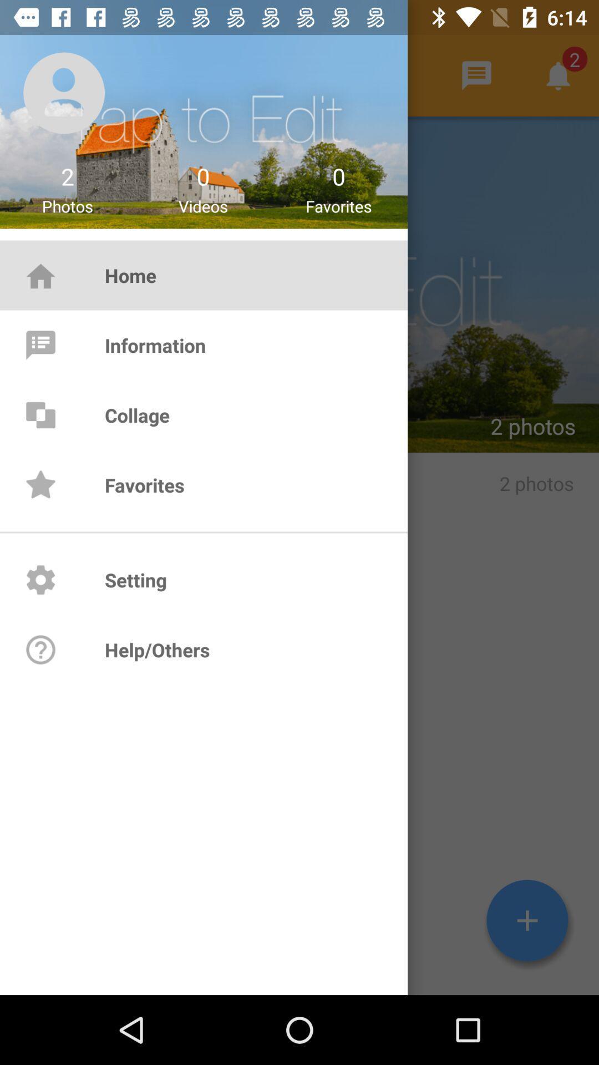 This screenshot has width=599, height=1065. What do you see at coordinates (527, 920) in the screenshot?
I see `the add icon` at bounding box center [527, 920].